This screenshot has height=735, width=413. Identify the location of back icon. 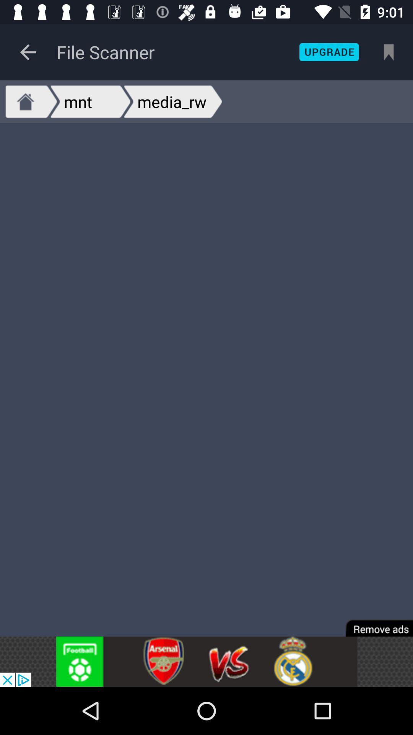
(28, 52).